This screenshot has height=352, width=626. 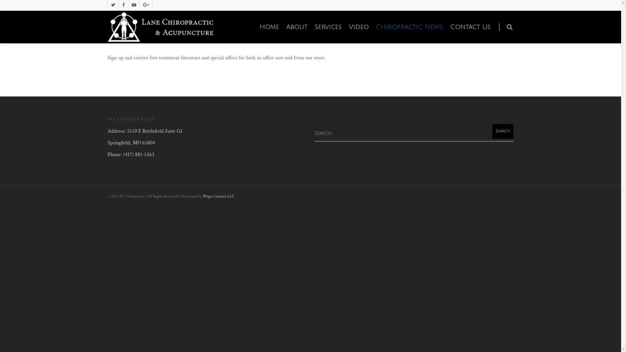 What do you see at coordinates (414, 133) in the screenshot?
I see `'Search for:'` at bounding box center [414, 133].